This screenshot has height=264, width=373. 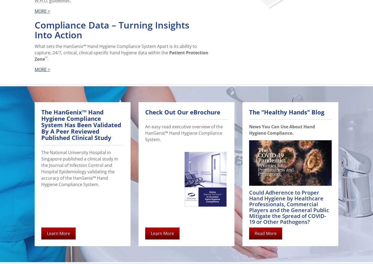 I want to click on 'News You Can Use About Hand Hygiene Compliance.', so click(x=282, y=129).